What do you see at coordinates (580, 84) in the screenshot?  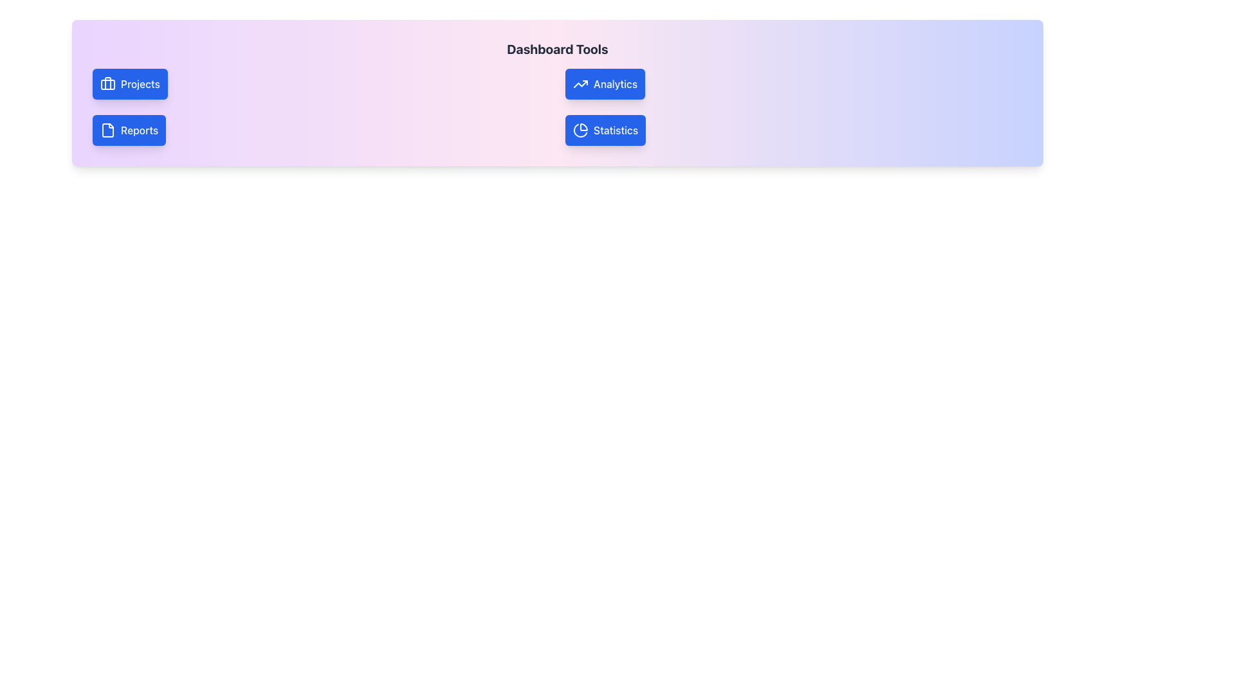 I see `the analytics icon located to the left of the 'Analytics' text in the 'Dashboard Tools' section` at bounding box center [580, 84].